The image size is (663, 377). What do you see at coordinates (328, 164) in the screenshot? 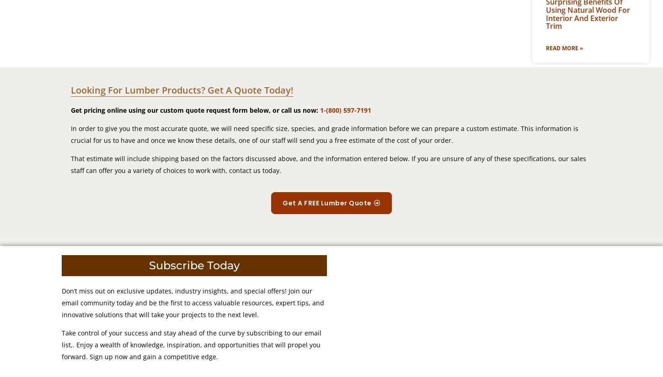
I see `'That estimate will include shipping based on the factors discussed above, and the information entered below. If you are unsure of any of these specifications, our sales staff can offer you a variety of choices to work with, contact us today.'` at bounding box center [328, 164].